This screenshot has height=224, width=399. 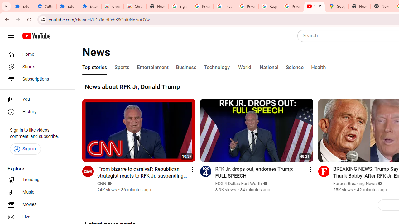 What do you see at coordinates (35, 192) in the screenshot?
I see `'Music'` at bounding box center [35, 192].